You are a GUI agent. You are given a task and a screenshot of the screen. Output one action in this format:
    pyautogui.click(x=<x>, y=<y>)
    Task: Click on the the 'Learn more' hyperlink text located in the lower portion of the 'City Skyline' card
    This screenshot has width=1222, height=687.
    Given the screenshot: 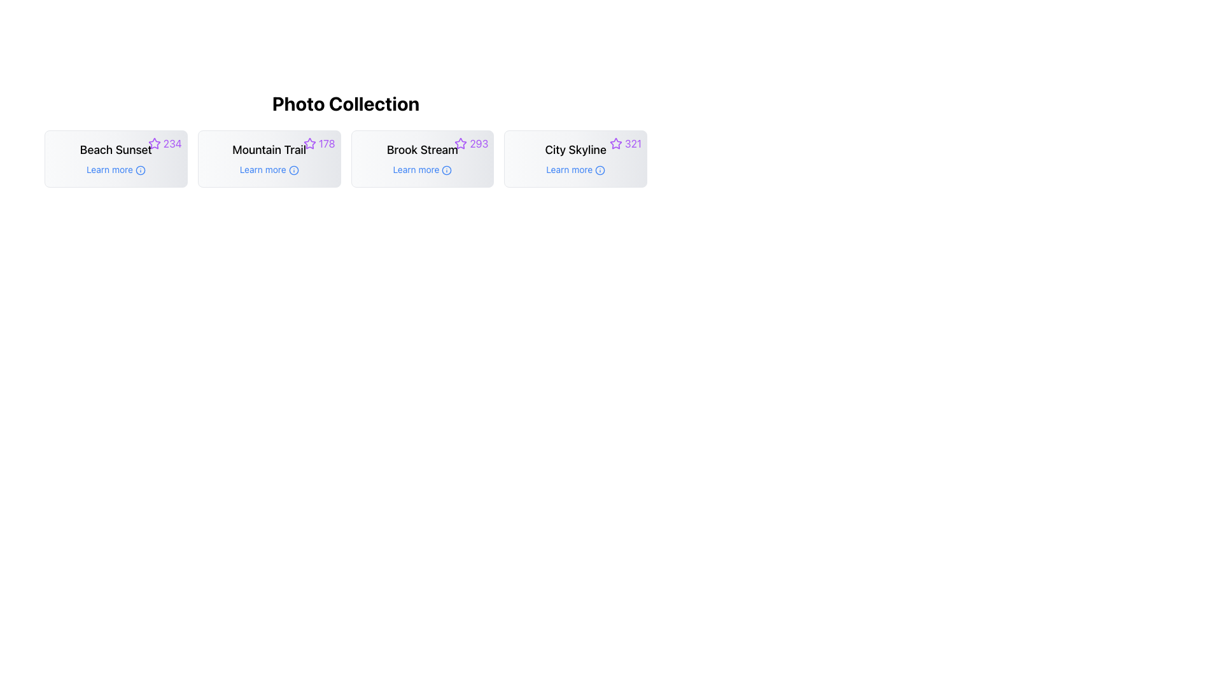 What is the action you would take?
    pyautogui.click(x=575, y=169)
    